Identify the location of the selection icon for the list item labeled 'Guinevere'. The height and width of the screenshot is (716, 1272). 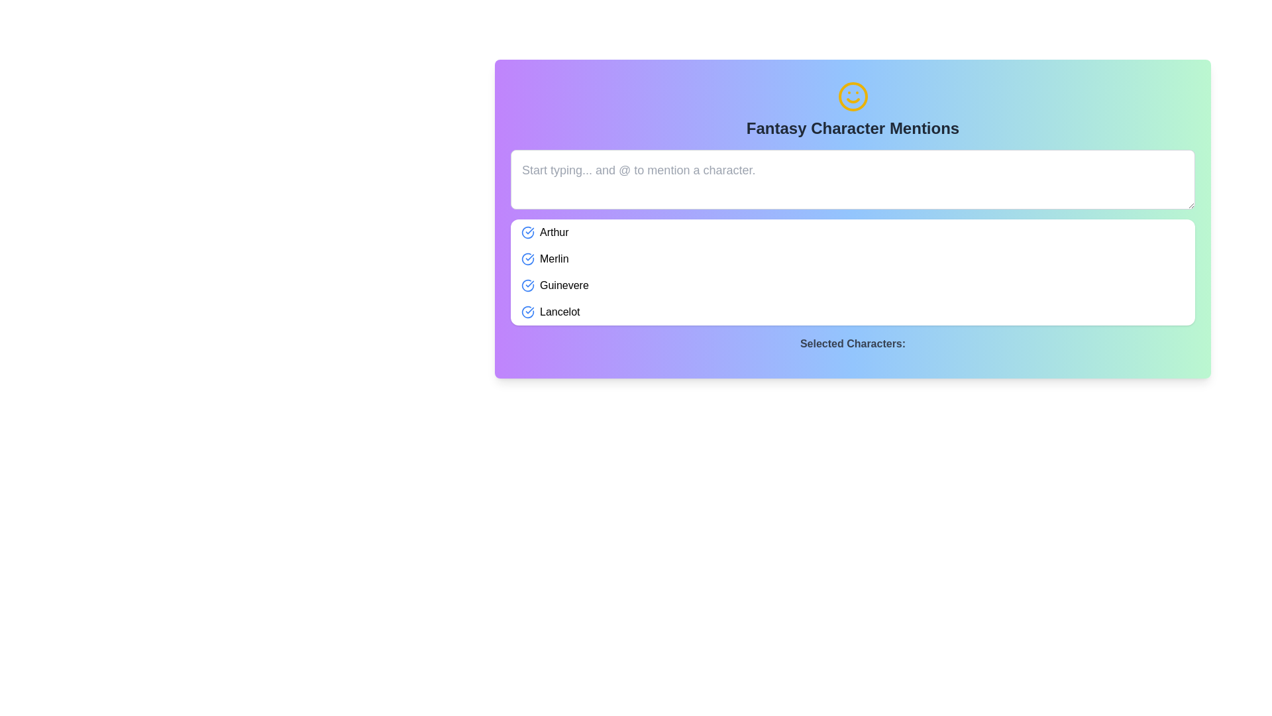
(527, 285).